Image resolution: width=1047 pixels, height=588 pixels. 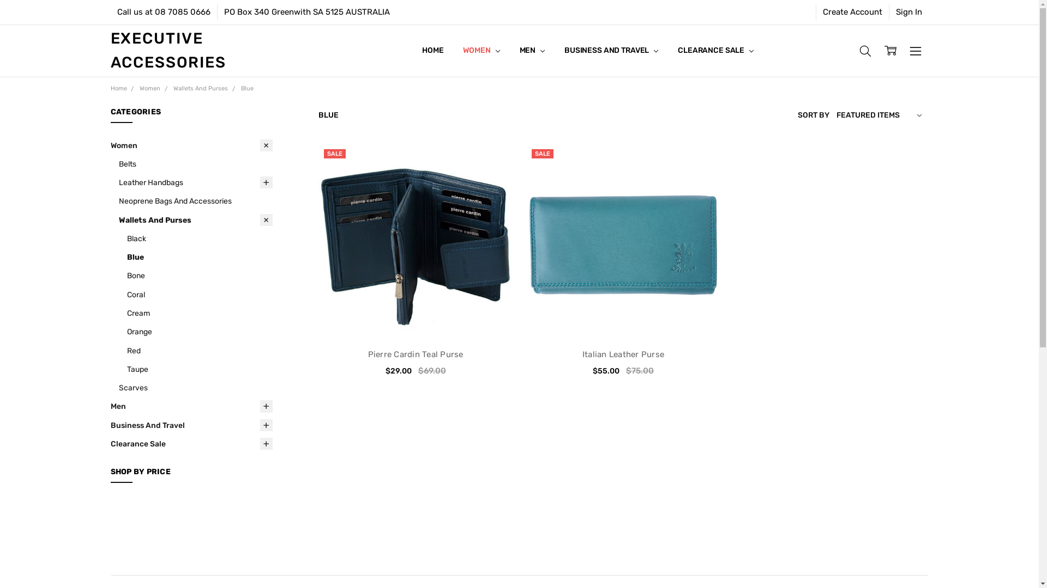 I want to click on 'Cream', so click(x=199, y=313).